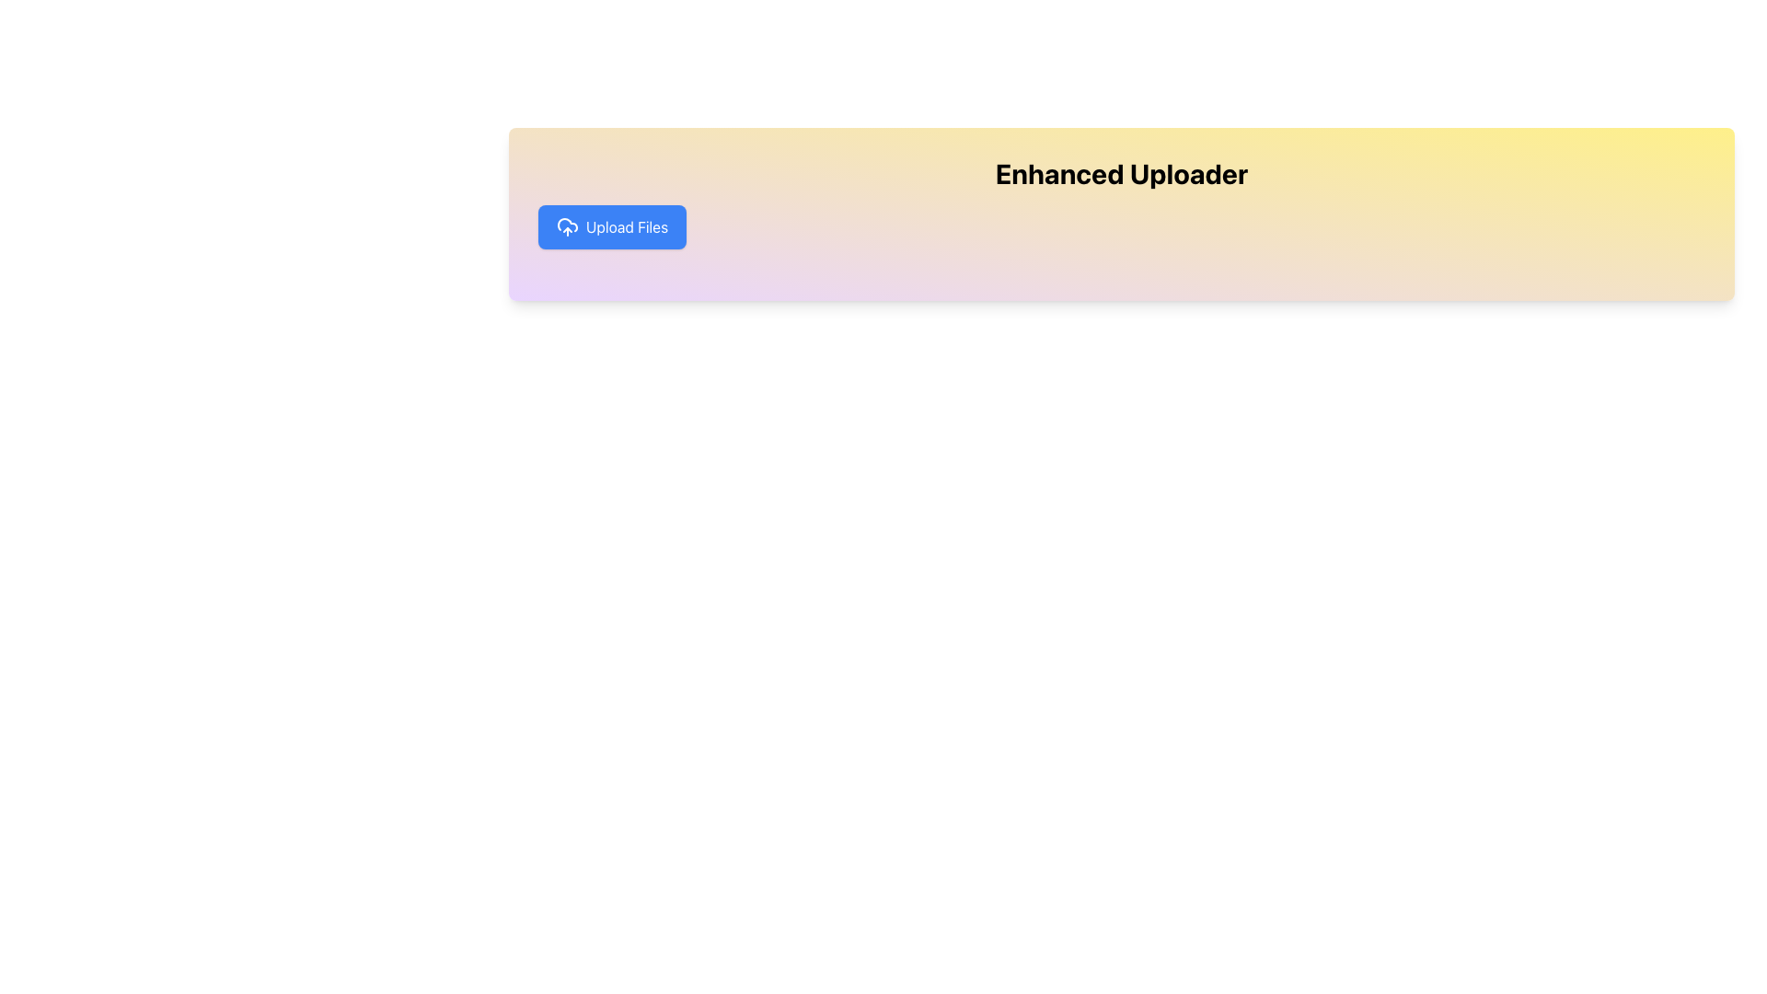 Image resolution: width=1767 pixels, height=994 pixels. I want to click on the "Upload Files" button, which is a prominent rectangular button with rounded corners and a vibrant blue background, located slightly below the text "Enhanced Uploader" in the top-left corner of the section, so click(612, 225).